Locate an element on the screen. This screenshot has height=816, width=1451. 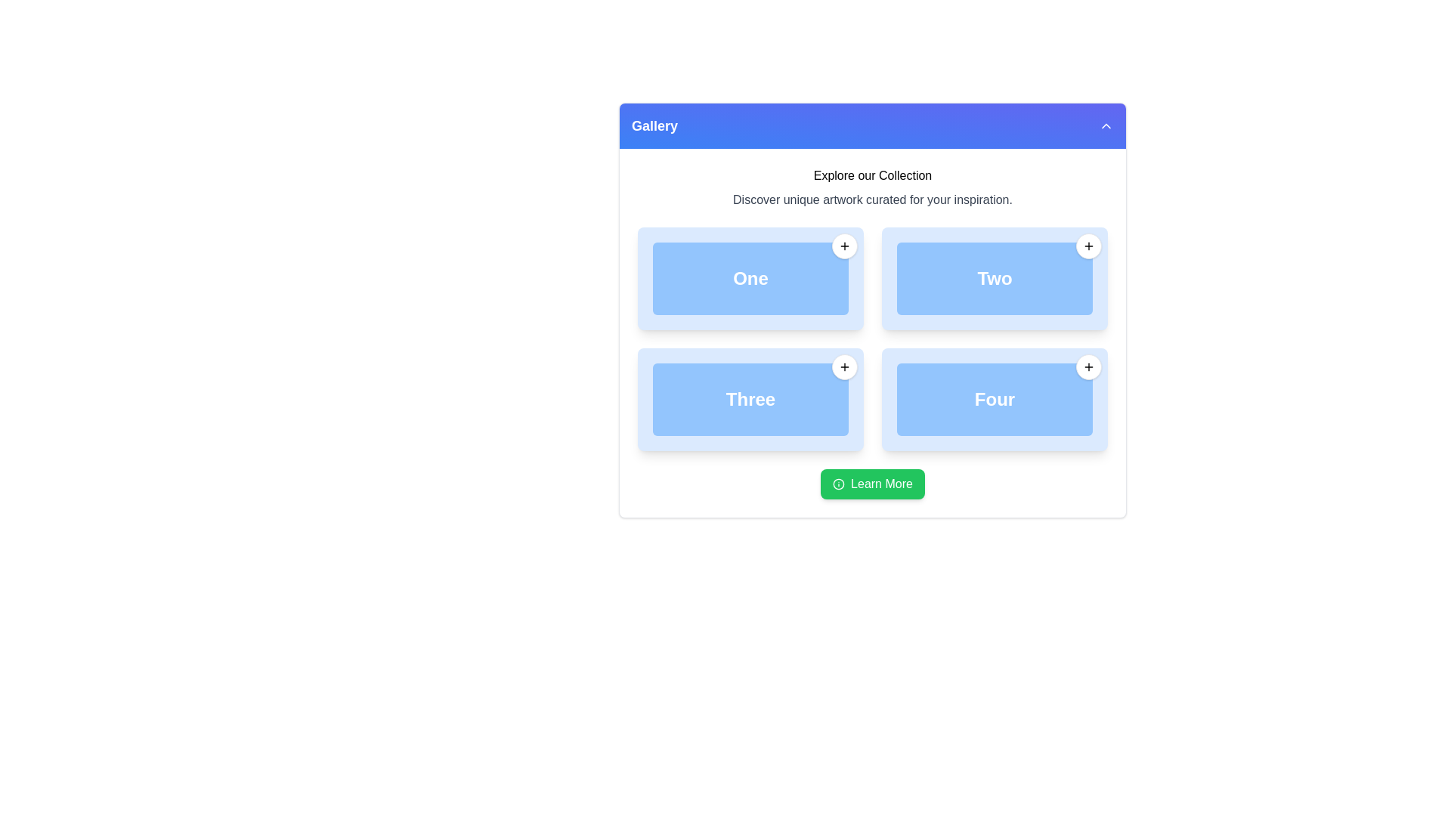
the text label that displays 'Three', styled in bold and large white font on a blue background, located in the lower-left quadrant of a 2x2 grid layout is located at coordinates (750, 398).